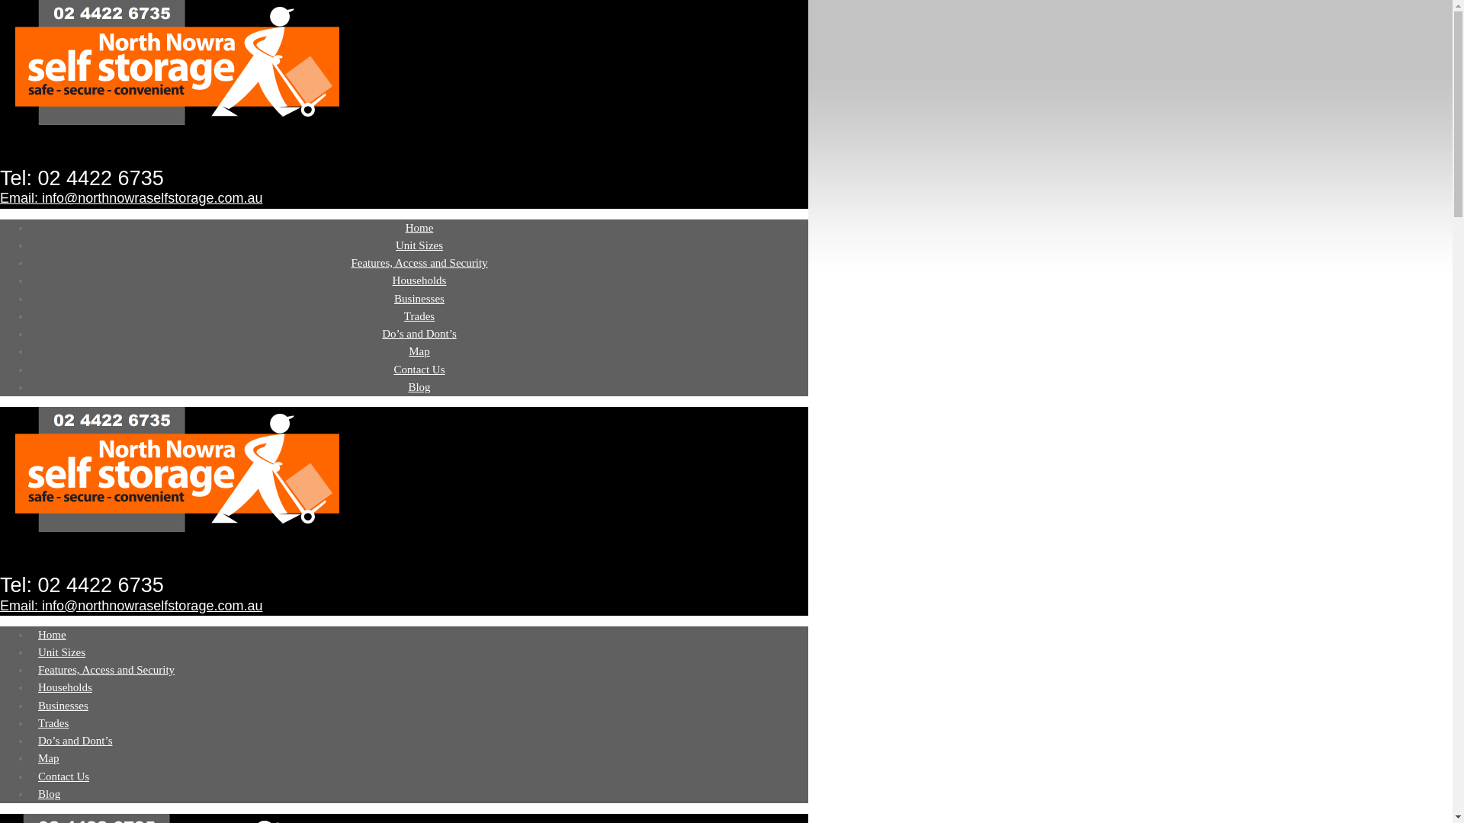  Describe the element at coordinates (131, 197) in the screenshot. I see `'Email: info@northnowraselfstorage.com.au'` at that location.